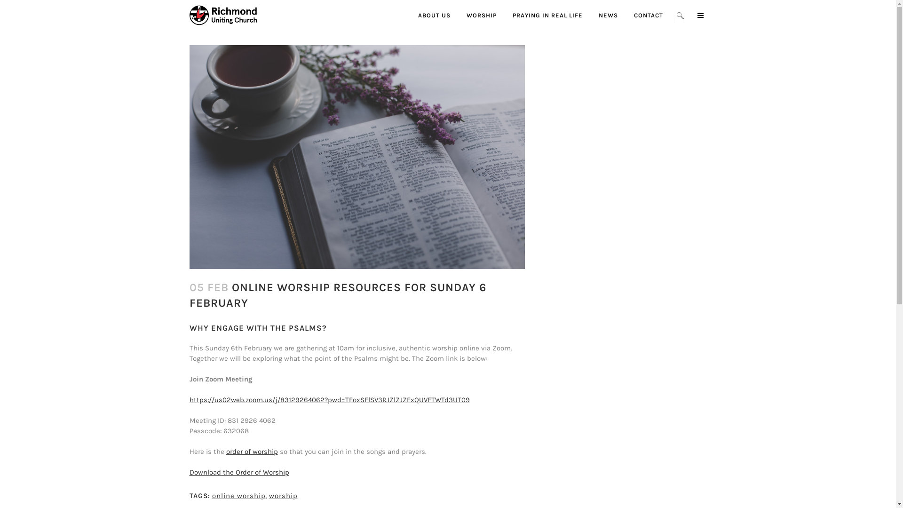 This screenshot has height=508, width=903. I want to click on 'order of worship', so click(251, 451).